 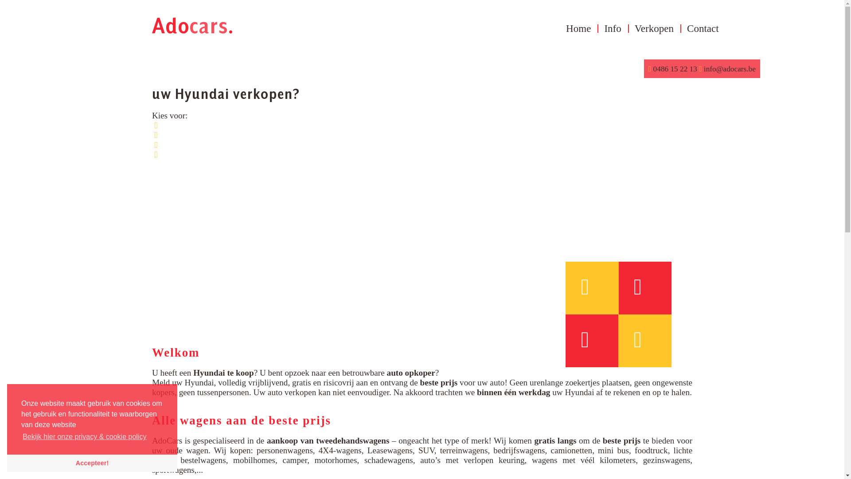 I want to click on 'bestelwagens', so click(x=202, y=459).